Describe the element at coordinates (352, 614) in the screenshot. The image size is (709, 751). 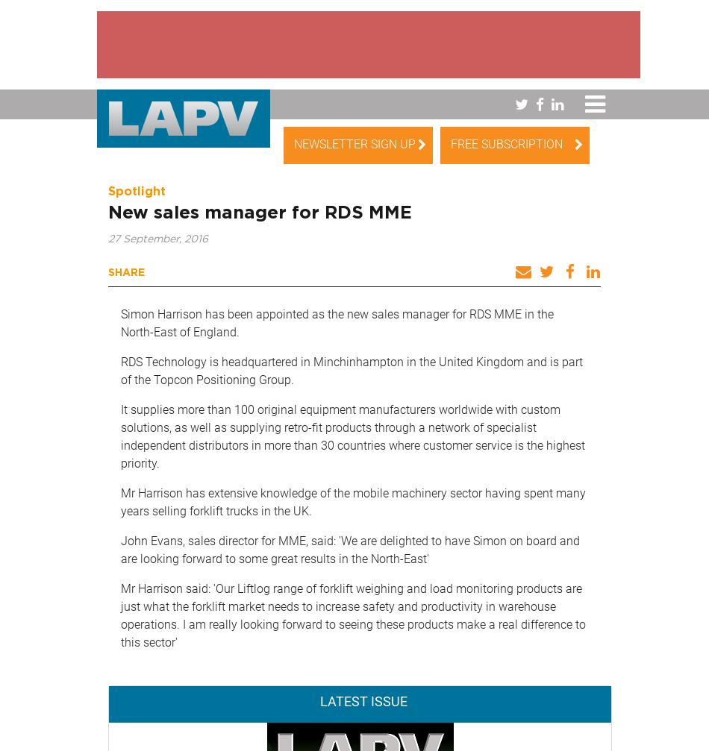
I see `'Mr Harrison said: 'Our Liftlog range of forklift weighing and load monitoring products are just what the forklift market needs to increase safety and productivity in warehouse operations. I am really looking forward to seeing these products make a real difference to this sector''` at that location.